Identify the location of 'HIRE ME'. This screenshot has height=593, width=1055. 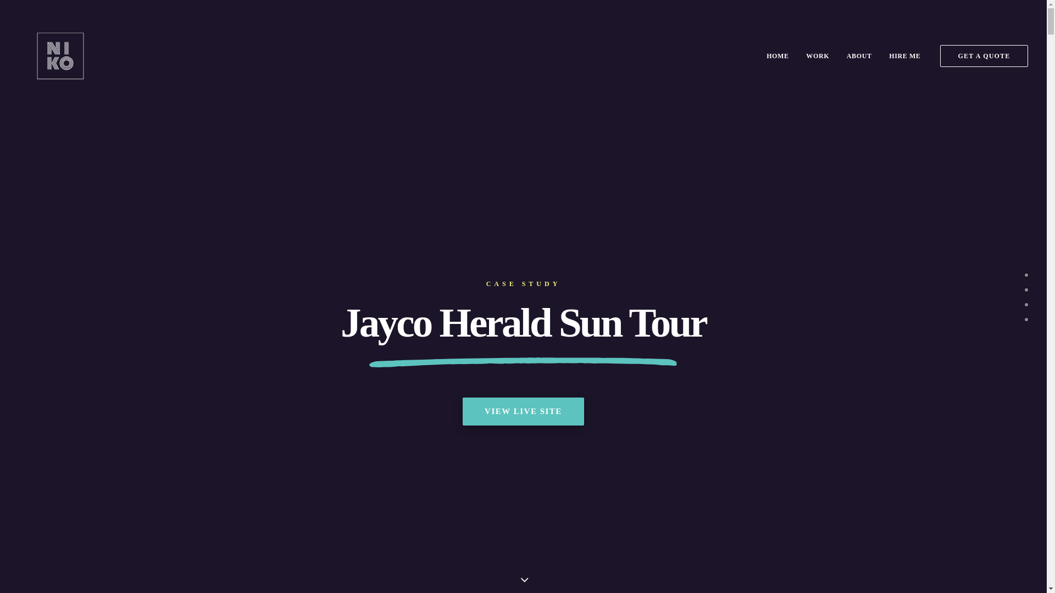
(901, 55).